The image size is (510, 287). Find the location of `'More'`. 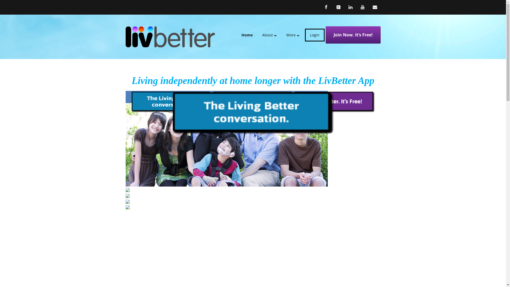

'More' is located at coordinates (293, 35).